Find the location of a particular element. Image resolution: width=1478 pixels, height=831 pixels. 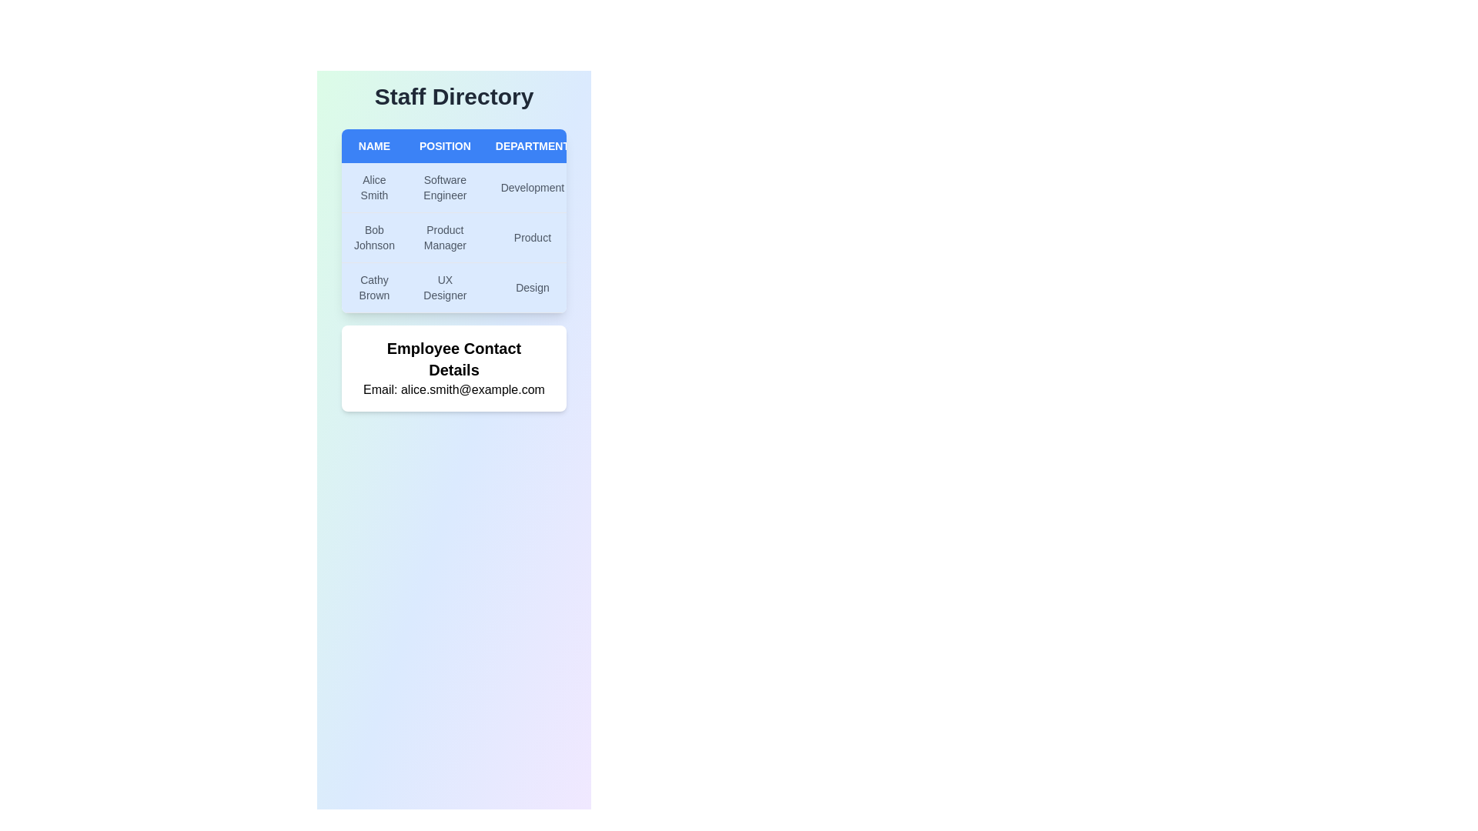

the text label displaying 'Bob Johnson', which is styled in a consistent font against a light blue background, located in the second row, first column of the table, under 'Alice Smith' is located at coordinates (374, 237).